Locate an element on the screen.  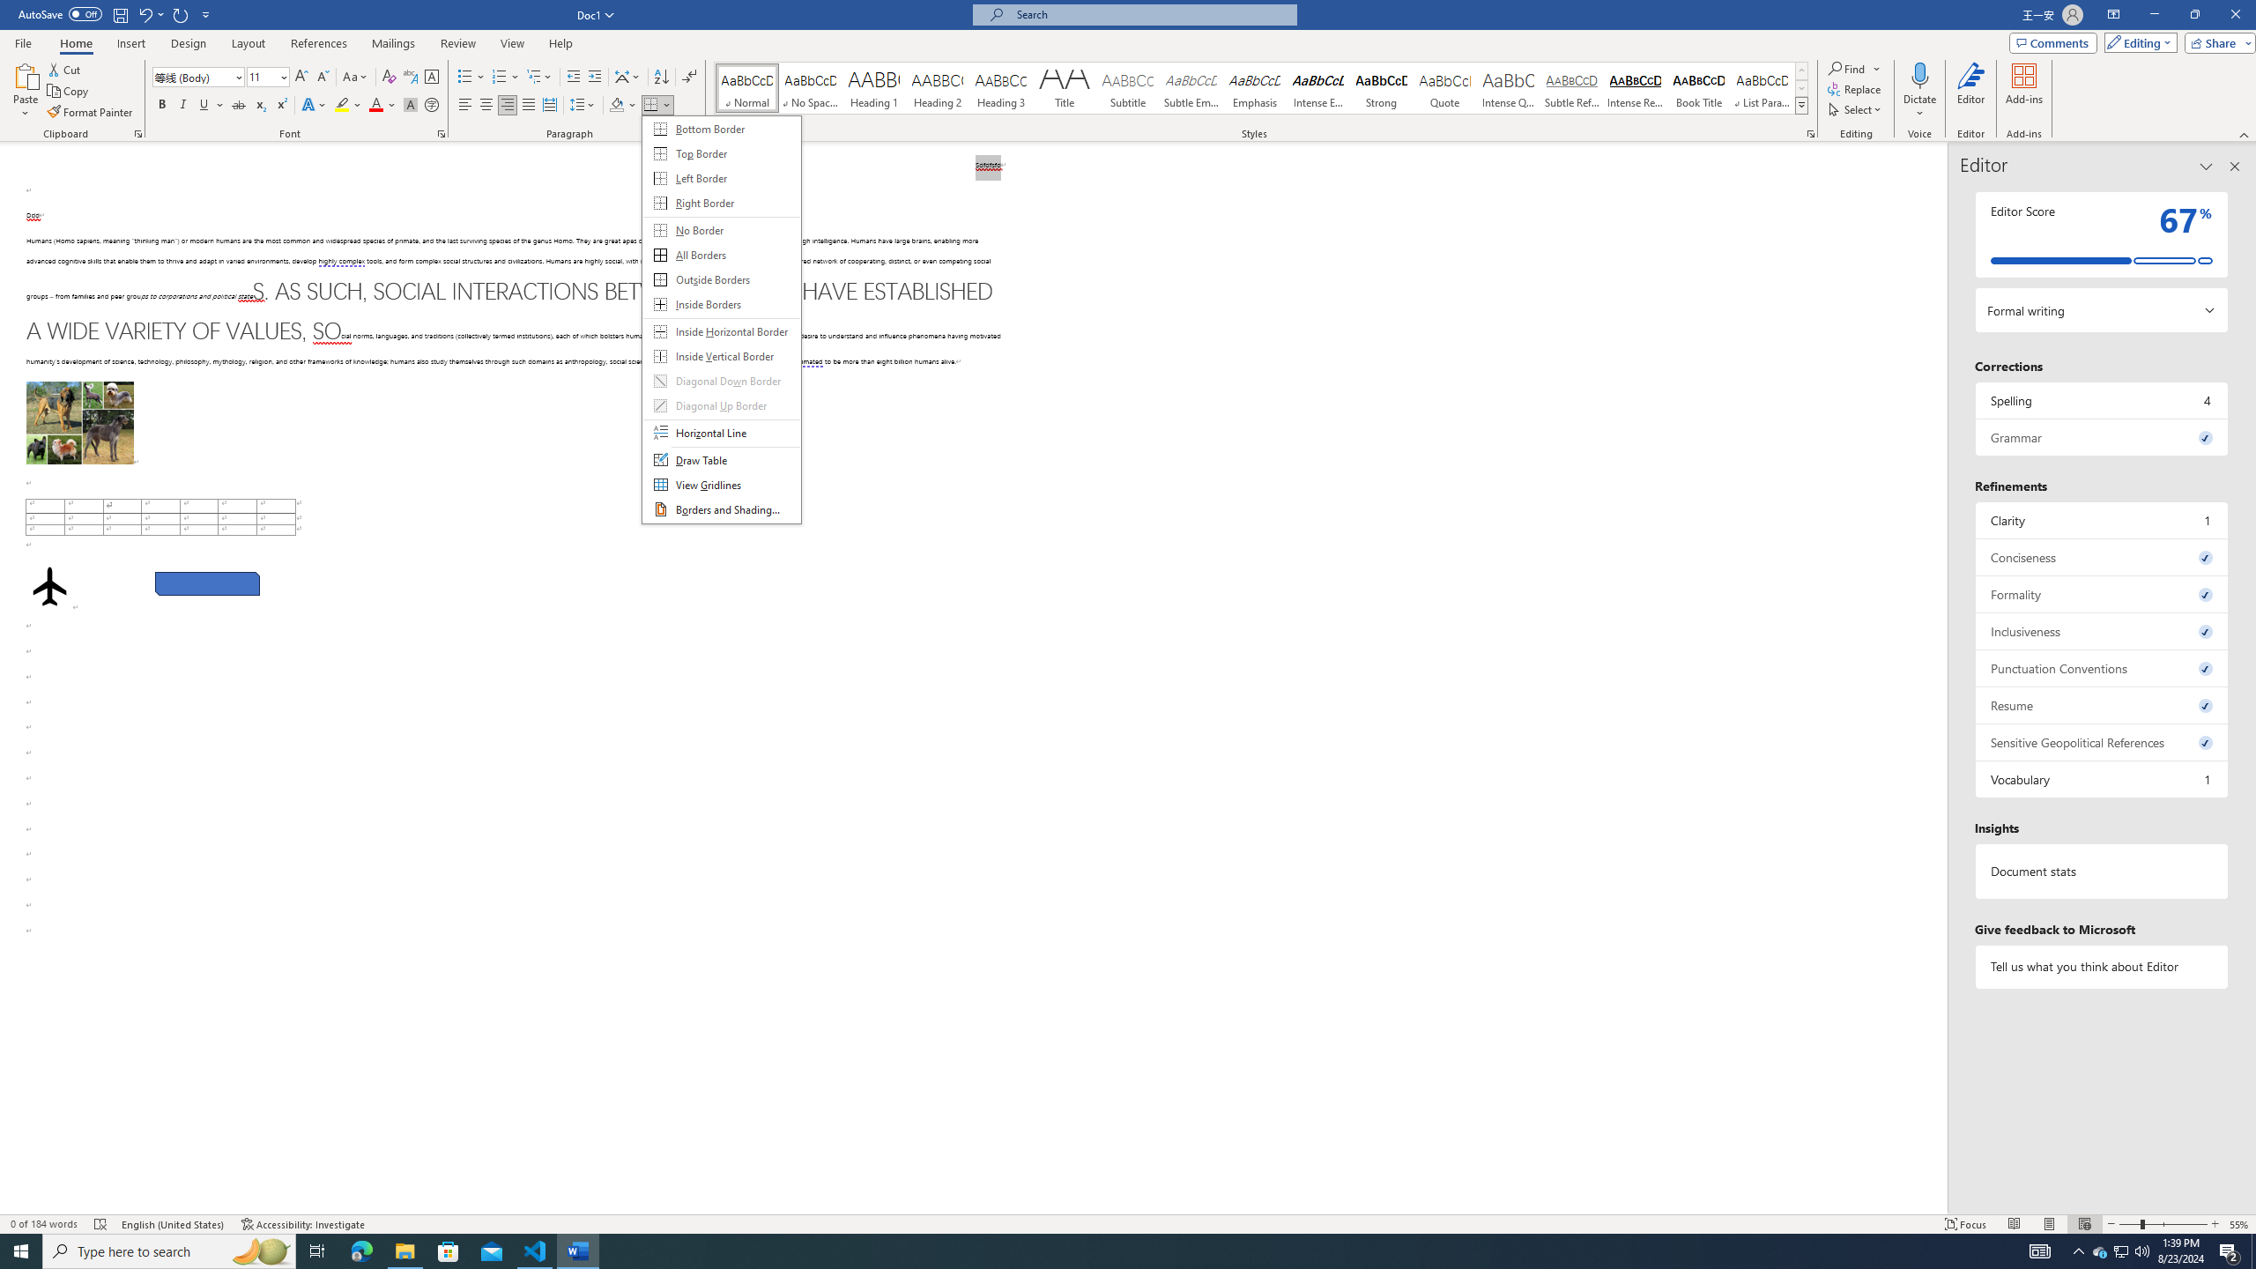
'Microsoft Store' is located at coordinates (449, 1250).